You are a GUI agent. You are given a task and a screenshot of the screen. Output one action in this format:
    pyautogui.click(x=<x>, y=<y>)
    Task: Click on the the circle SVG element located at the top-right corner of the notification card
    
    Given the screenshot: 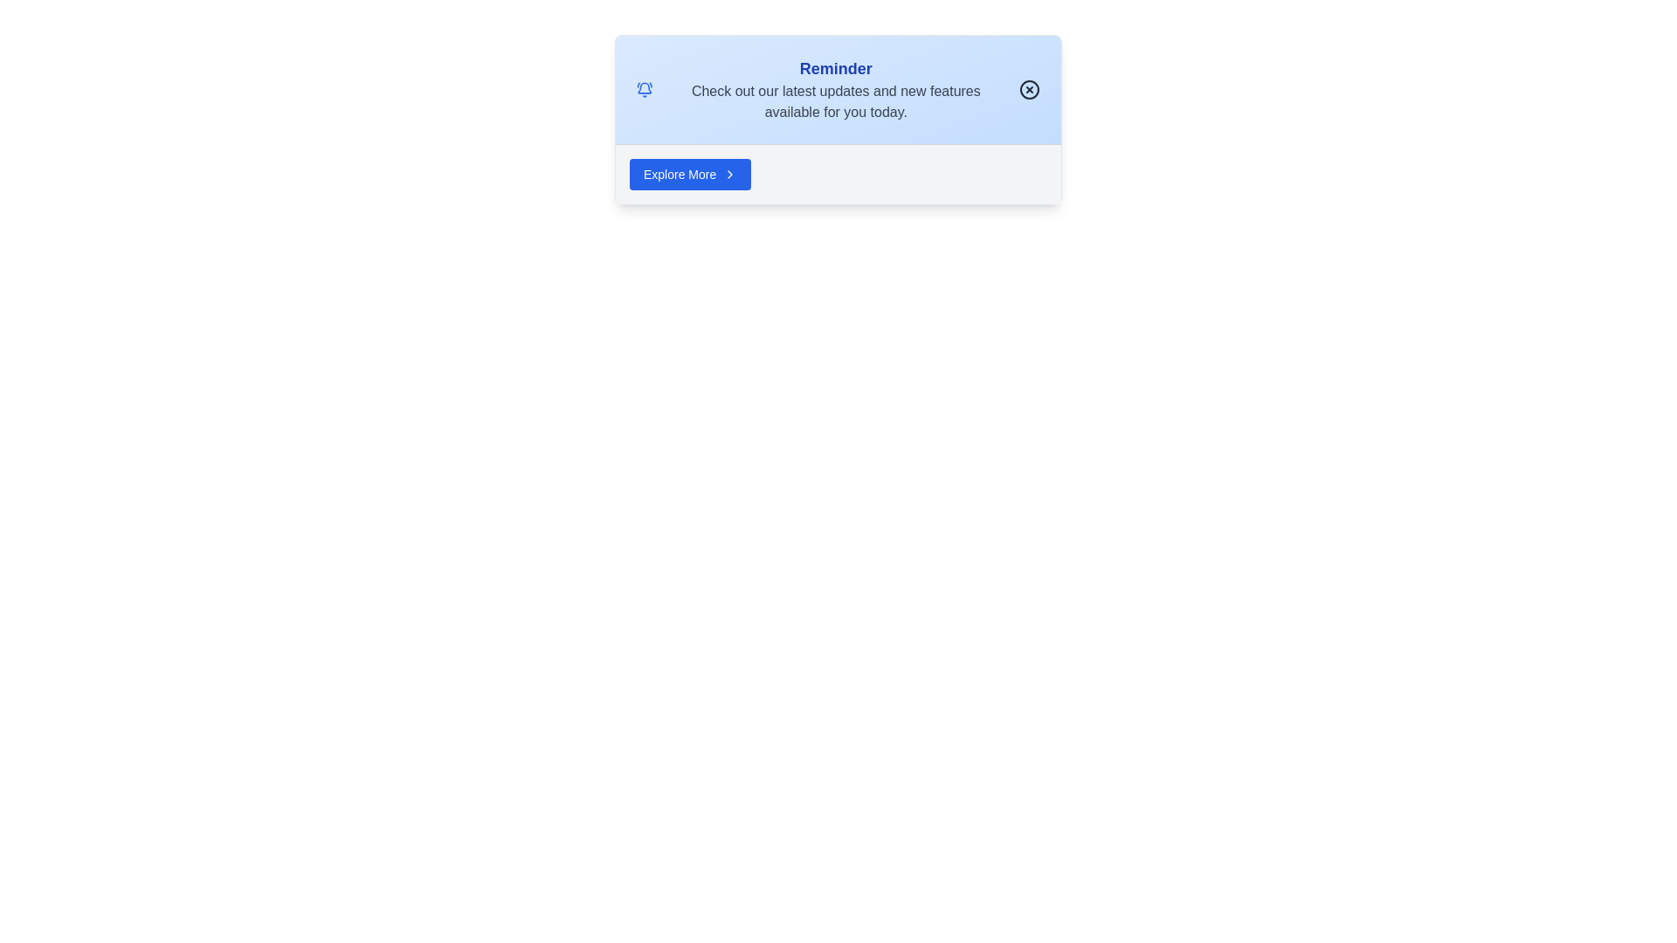 What is the action you would take?
    pyautogui.click(x=1030, y=90)
    